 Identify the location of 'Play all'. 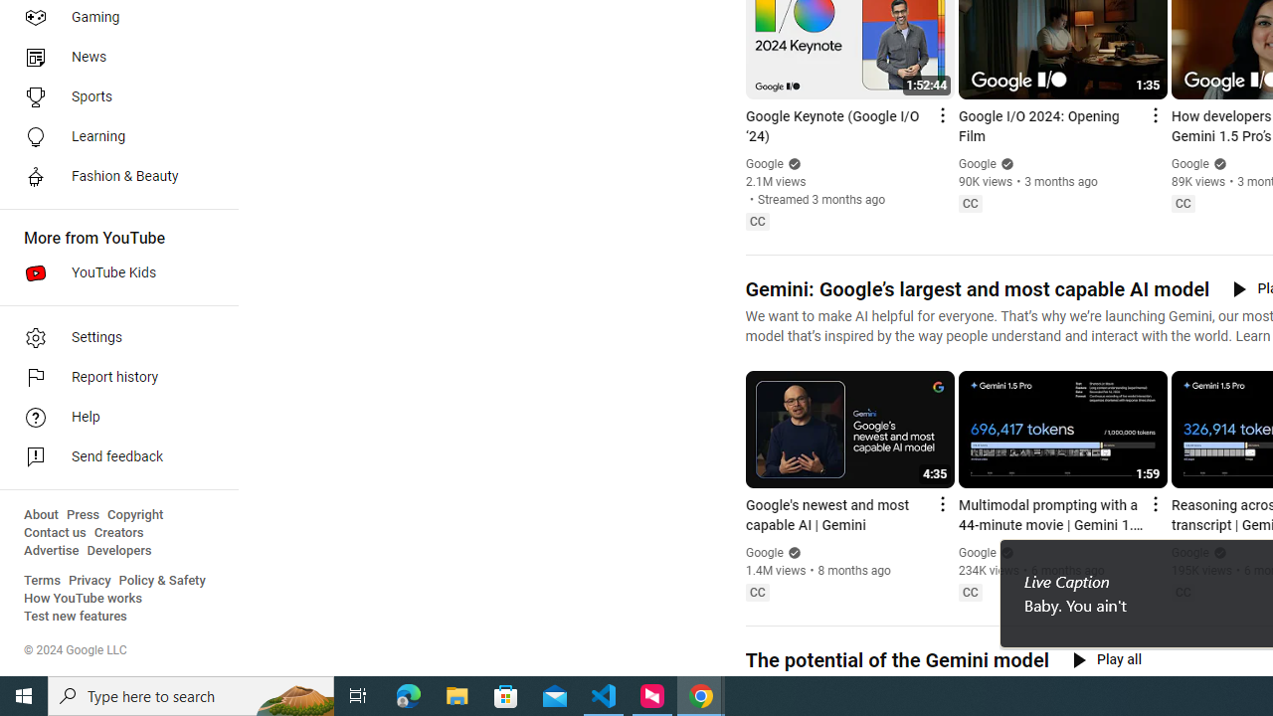
(1106, 659).